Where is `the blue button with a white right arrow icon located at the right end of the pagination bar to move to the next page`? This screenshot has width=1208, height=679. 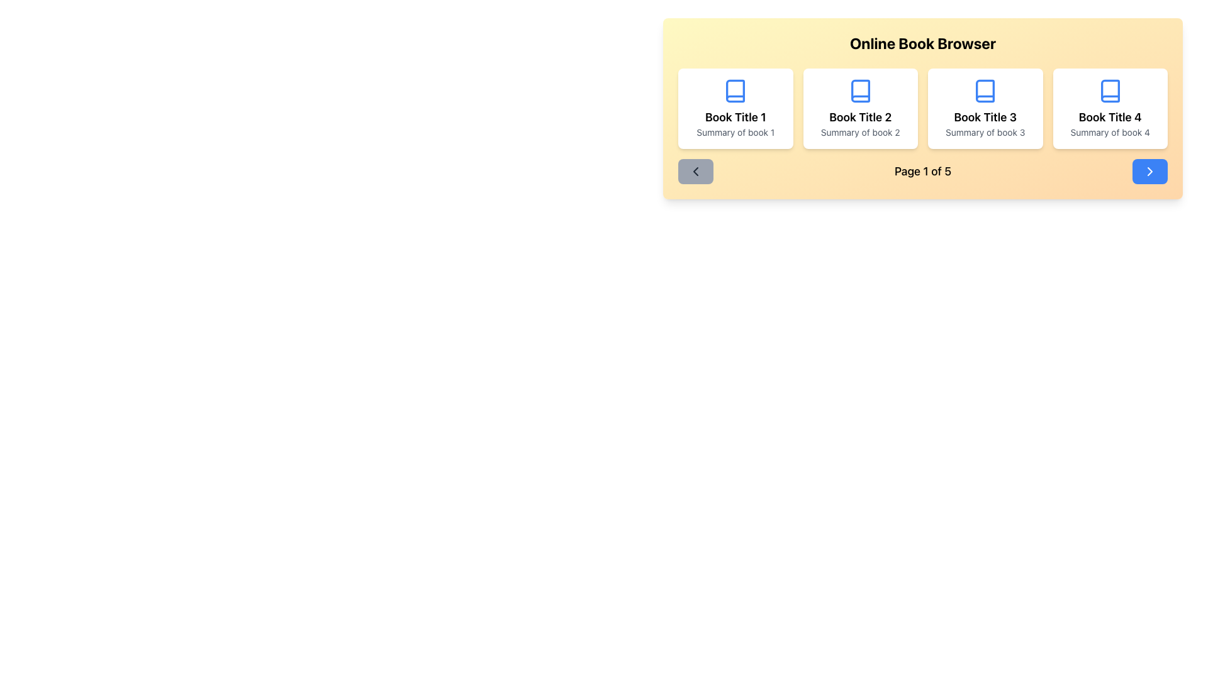
the blue button with a white right arrow icon located at the right end of the pagination bar to move to the next page is located at coordinates (1150, 172).